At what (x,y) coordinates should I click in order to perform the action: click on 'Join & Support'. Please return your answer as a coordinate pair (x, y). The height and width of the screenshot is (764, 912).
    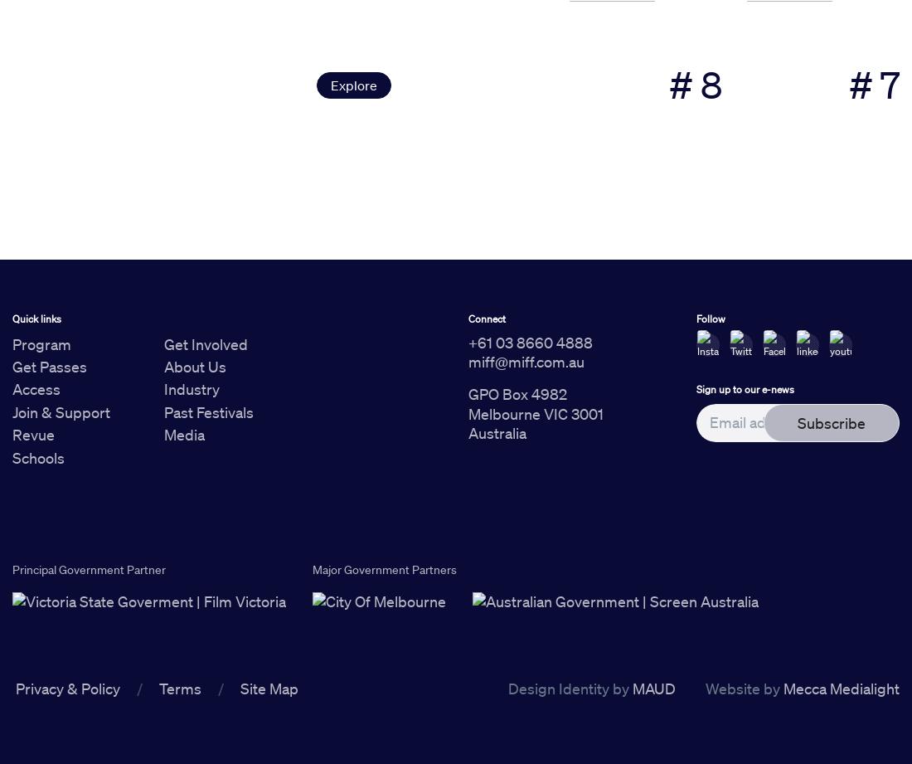
    Looking at the image, I should click on (61, 410).